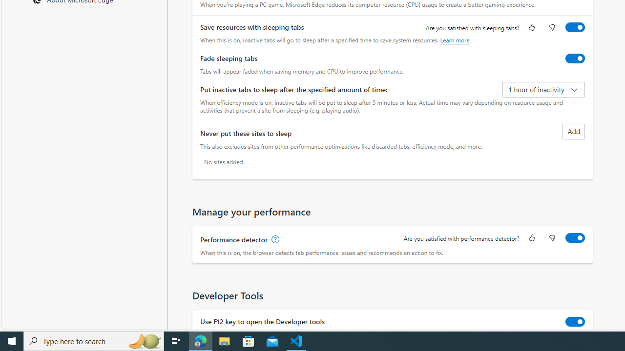  Describe the element at coordinates (574, 132) in the screenshot. I see `'Add site to never put these sites to sleep list'` at that location.